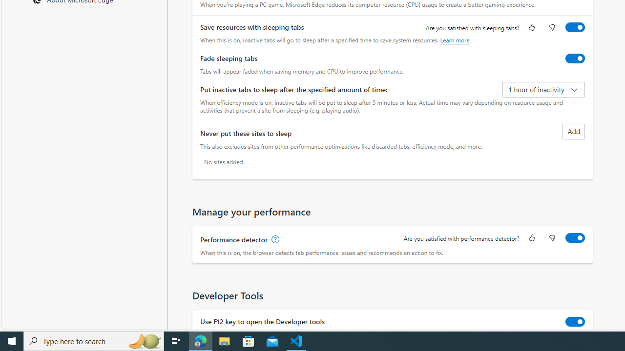  Describe the element at coordinates (574, 132) in the screenshot. I see `'Add site to never put these sites to sleep list'` at that location.